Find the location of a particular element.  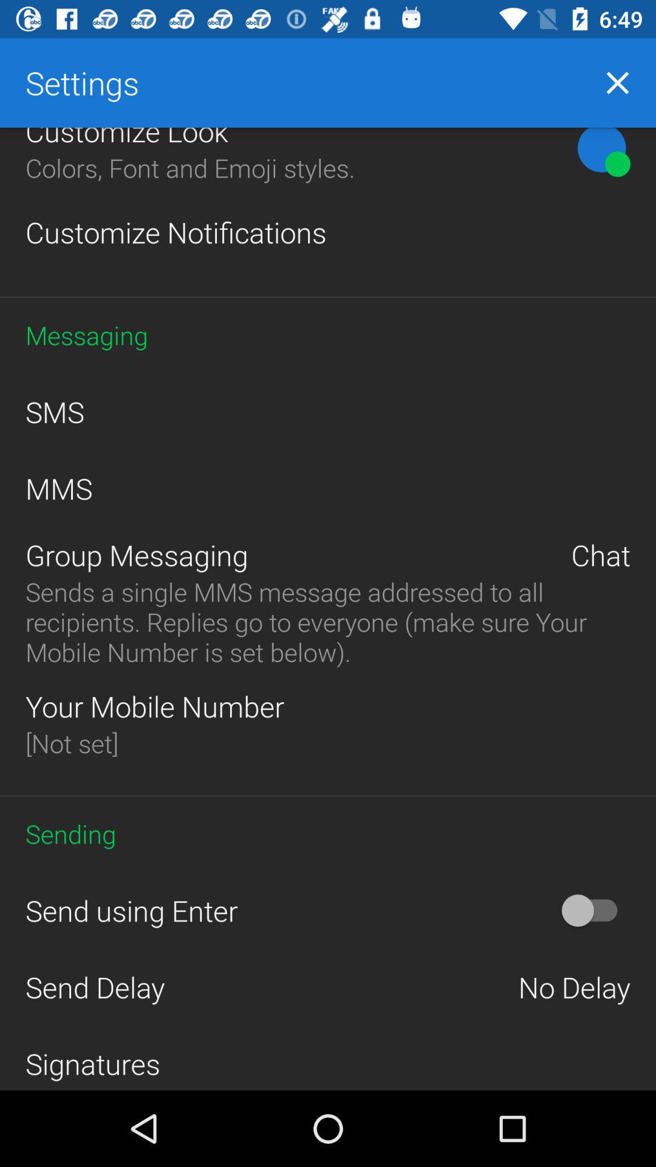

the icon next to settings icon is located at coordinates (618, 82).